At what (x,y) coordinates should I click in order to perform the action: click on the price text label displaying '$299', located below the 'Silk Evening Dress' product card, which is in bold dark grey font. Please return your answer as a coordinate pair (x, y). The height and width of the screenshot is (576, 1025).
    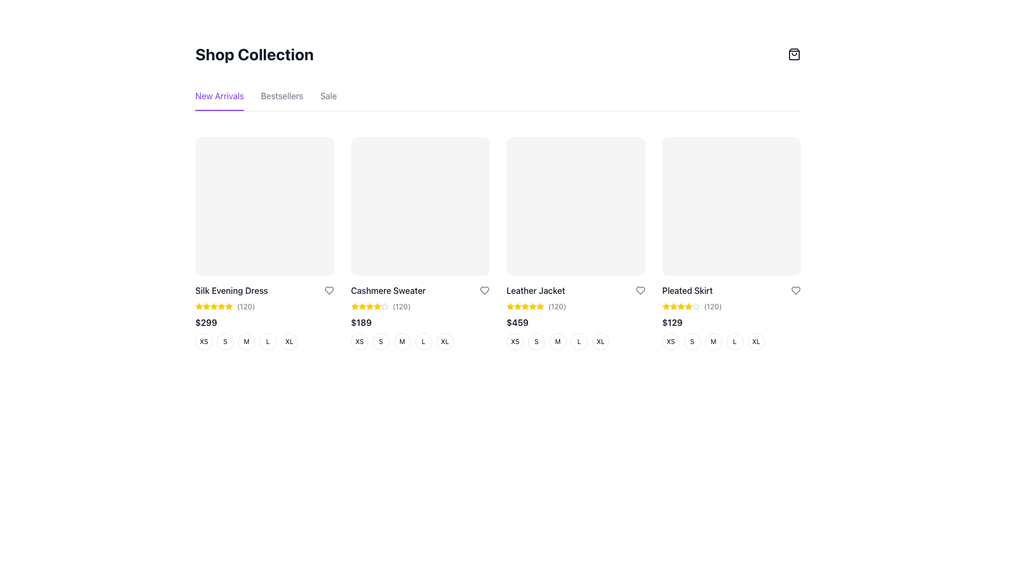
    Looking at the image, I should click on (206, 322).